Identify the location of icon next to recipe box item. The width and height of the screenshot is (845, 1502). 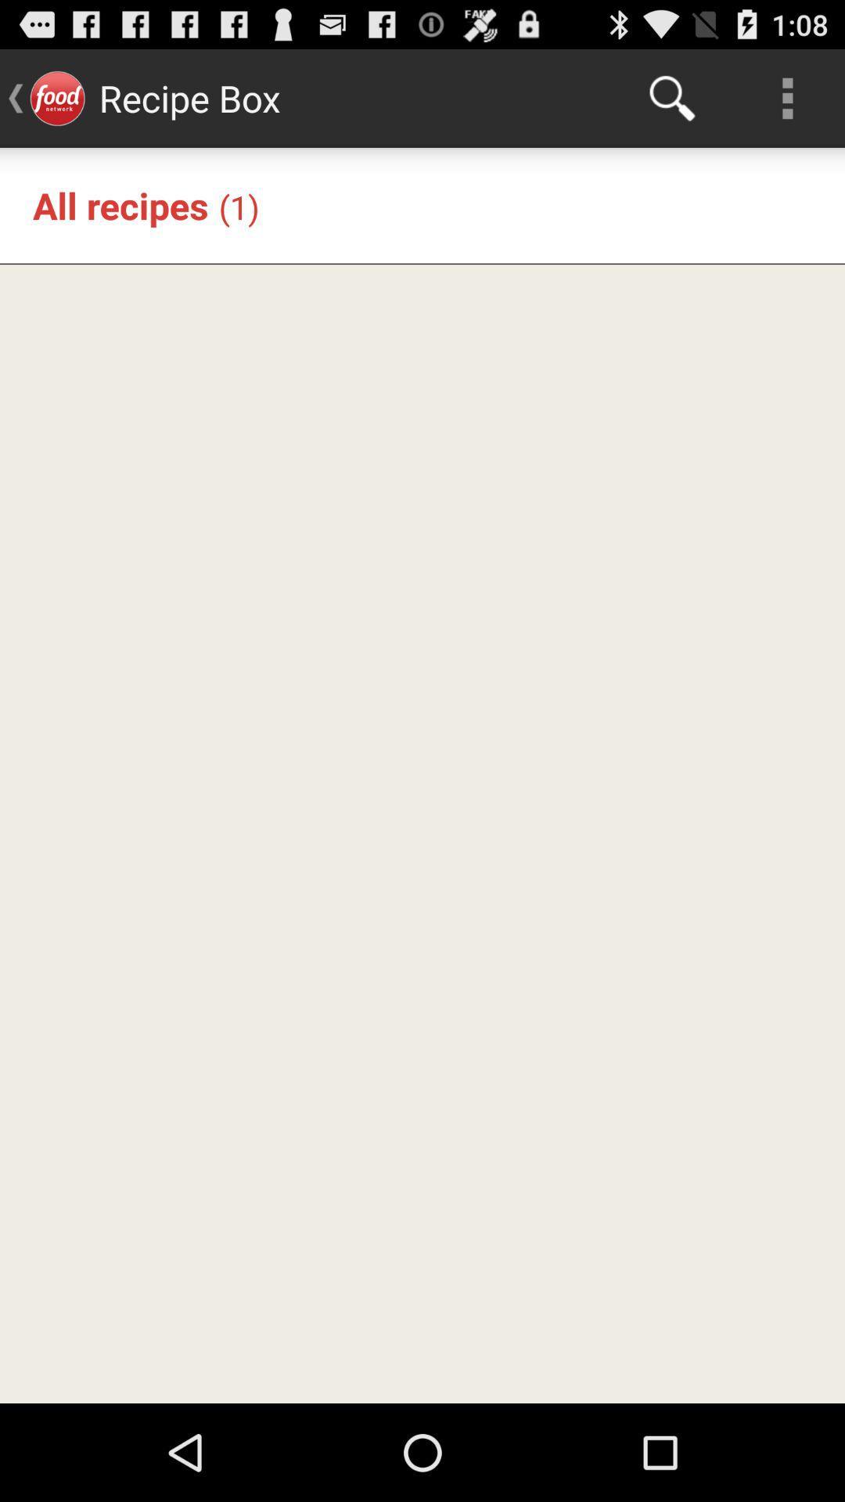
(671, 97).